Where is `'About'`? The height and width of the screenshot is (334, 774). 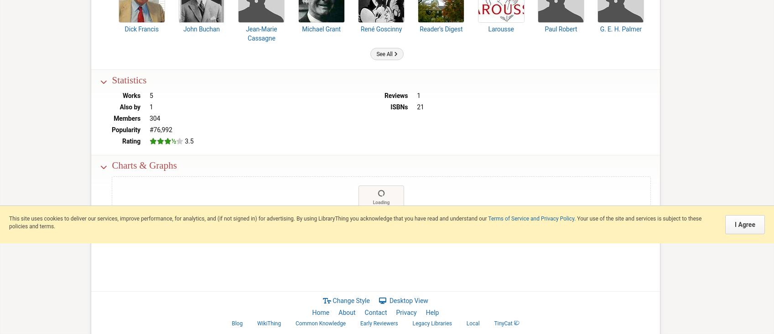
'About' is located at coordinates (346, 313).